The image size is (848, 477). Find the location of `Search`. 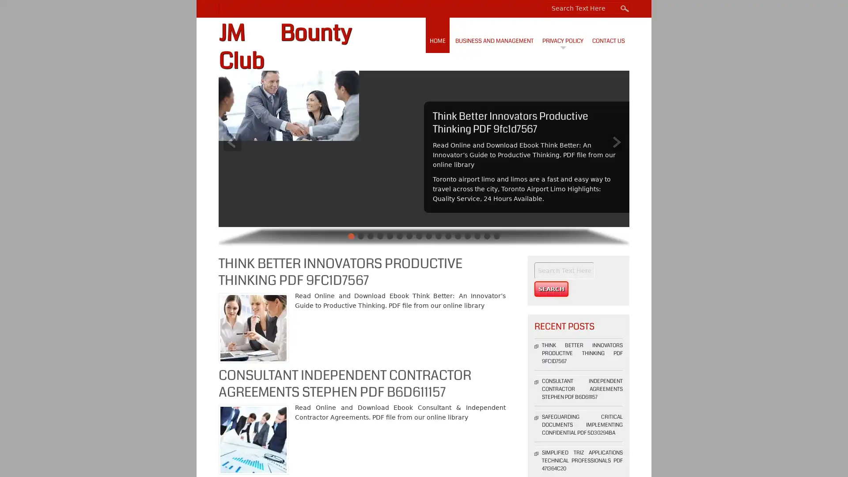

Search is located at coordinates (551, 289).